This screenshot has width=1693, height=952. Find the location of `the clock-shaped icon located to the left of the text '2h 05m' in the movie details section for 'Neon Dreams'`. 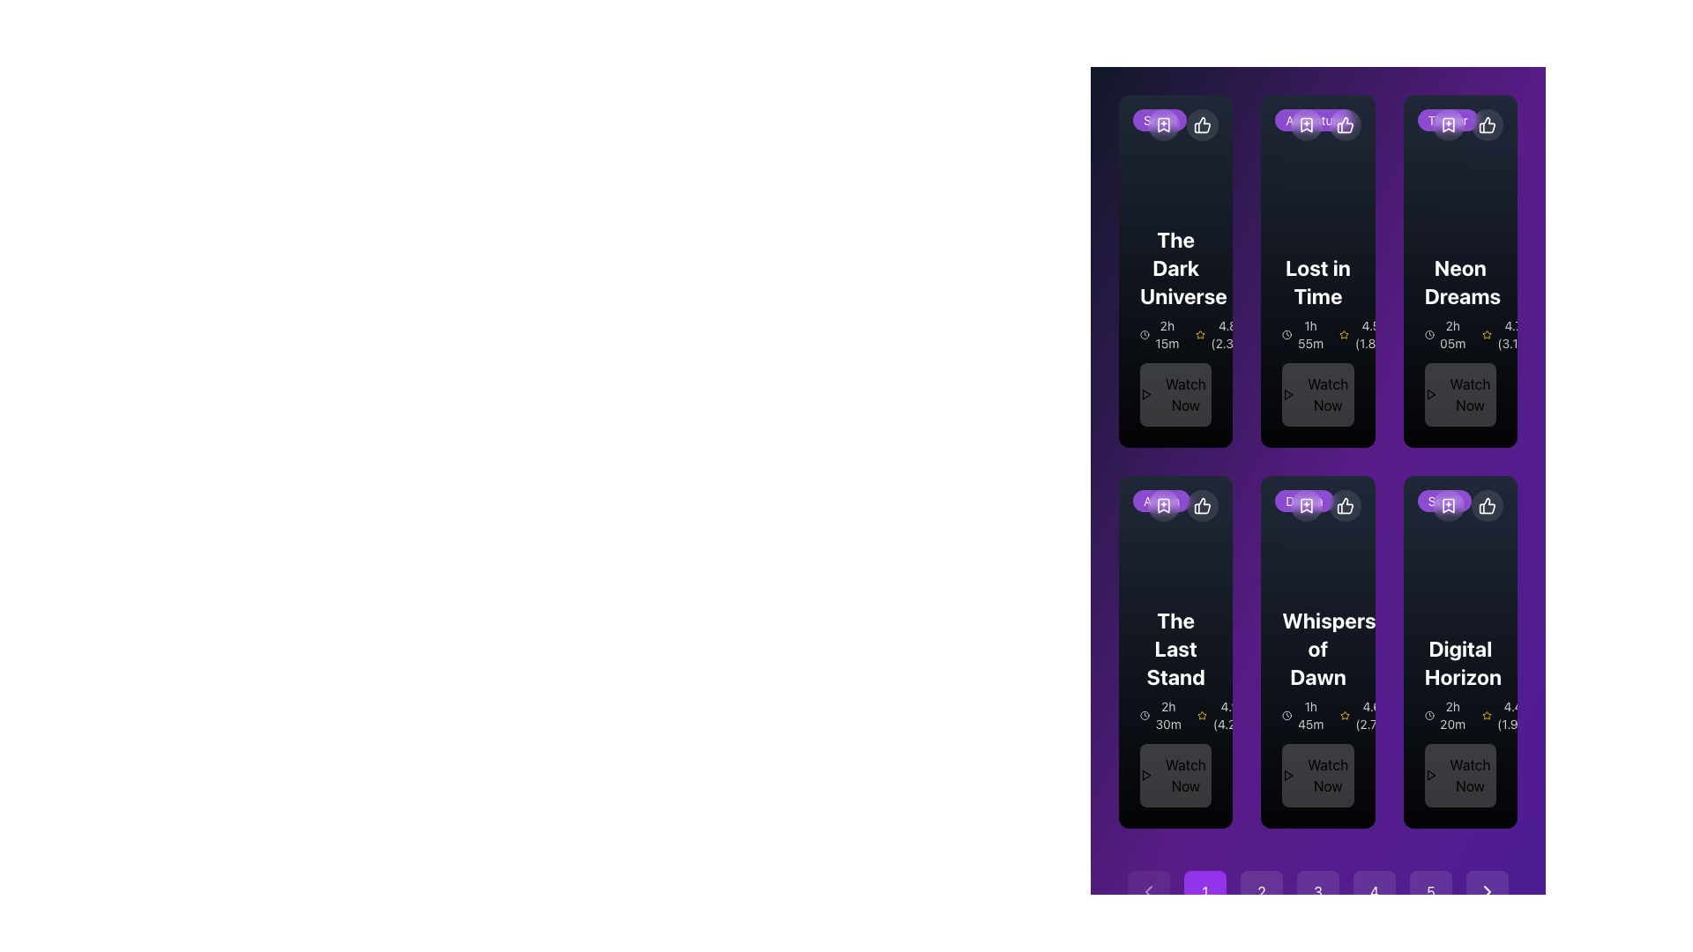

the clock-shaped icon located to the left of the text '2h 05m' in the movie details section for 'Neon Dreams' is located at coordinates (1429, 335).